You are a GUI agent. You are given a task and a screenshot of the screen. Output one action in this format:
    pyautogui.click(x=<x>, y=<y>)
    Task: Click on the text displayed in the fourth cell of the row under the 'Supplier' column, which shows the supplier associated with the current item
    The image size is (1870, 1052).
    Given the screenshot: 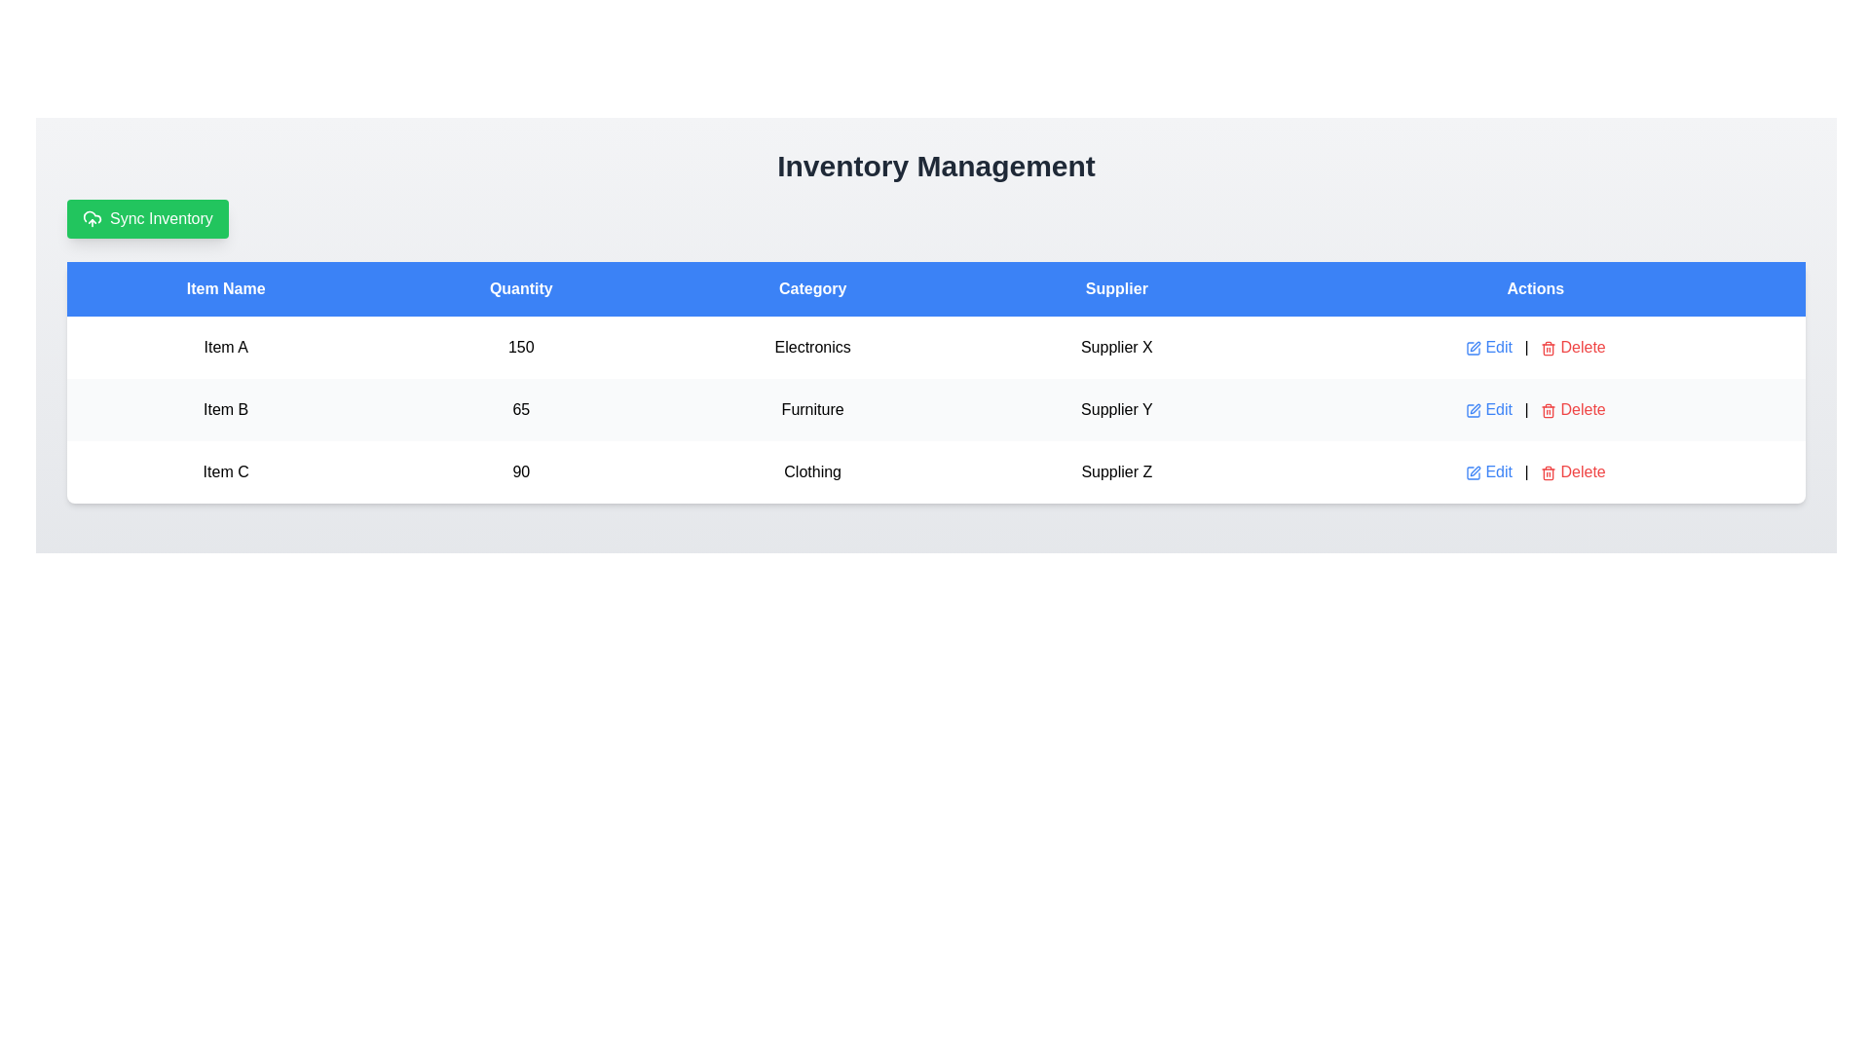 What is the action you would take?
    pyautogui.click(x=1116, y=347)
    